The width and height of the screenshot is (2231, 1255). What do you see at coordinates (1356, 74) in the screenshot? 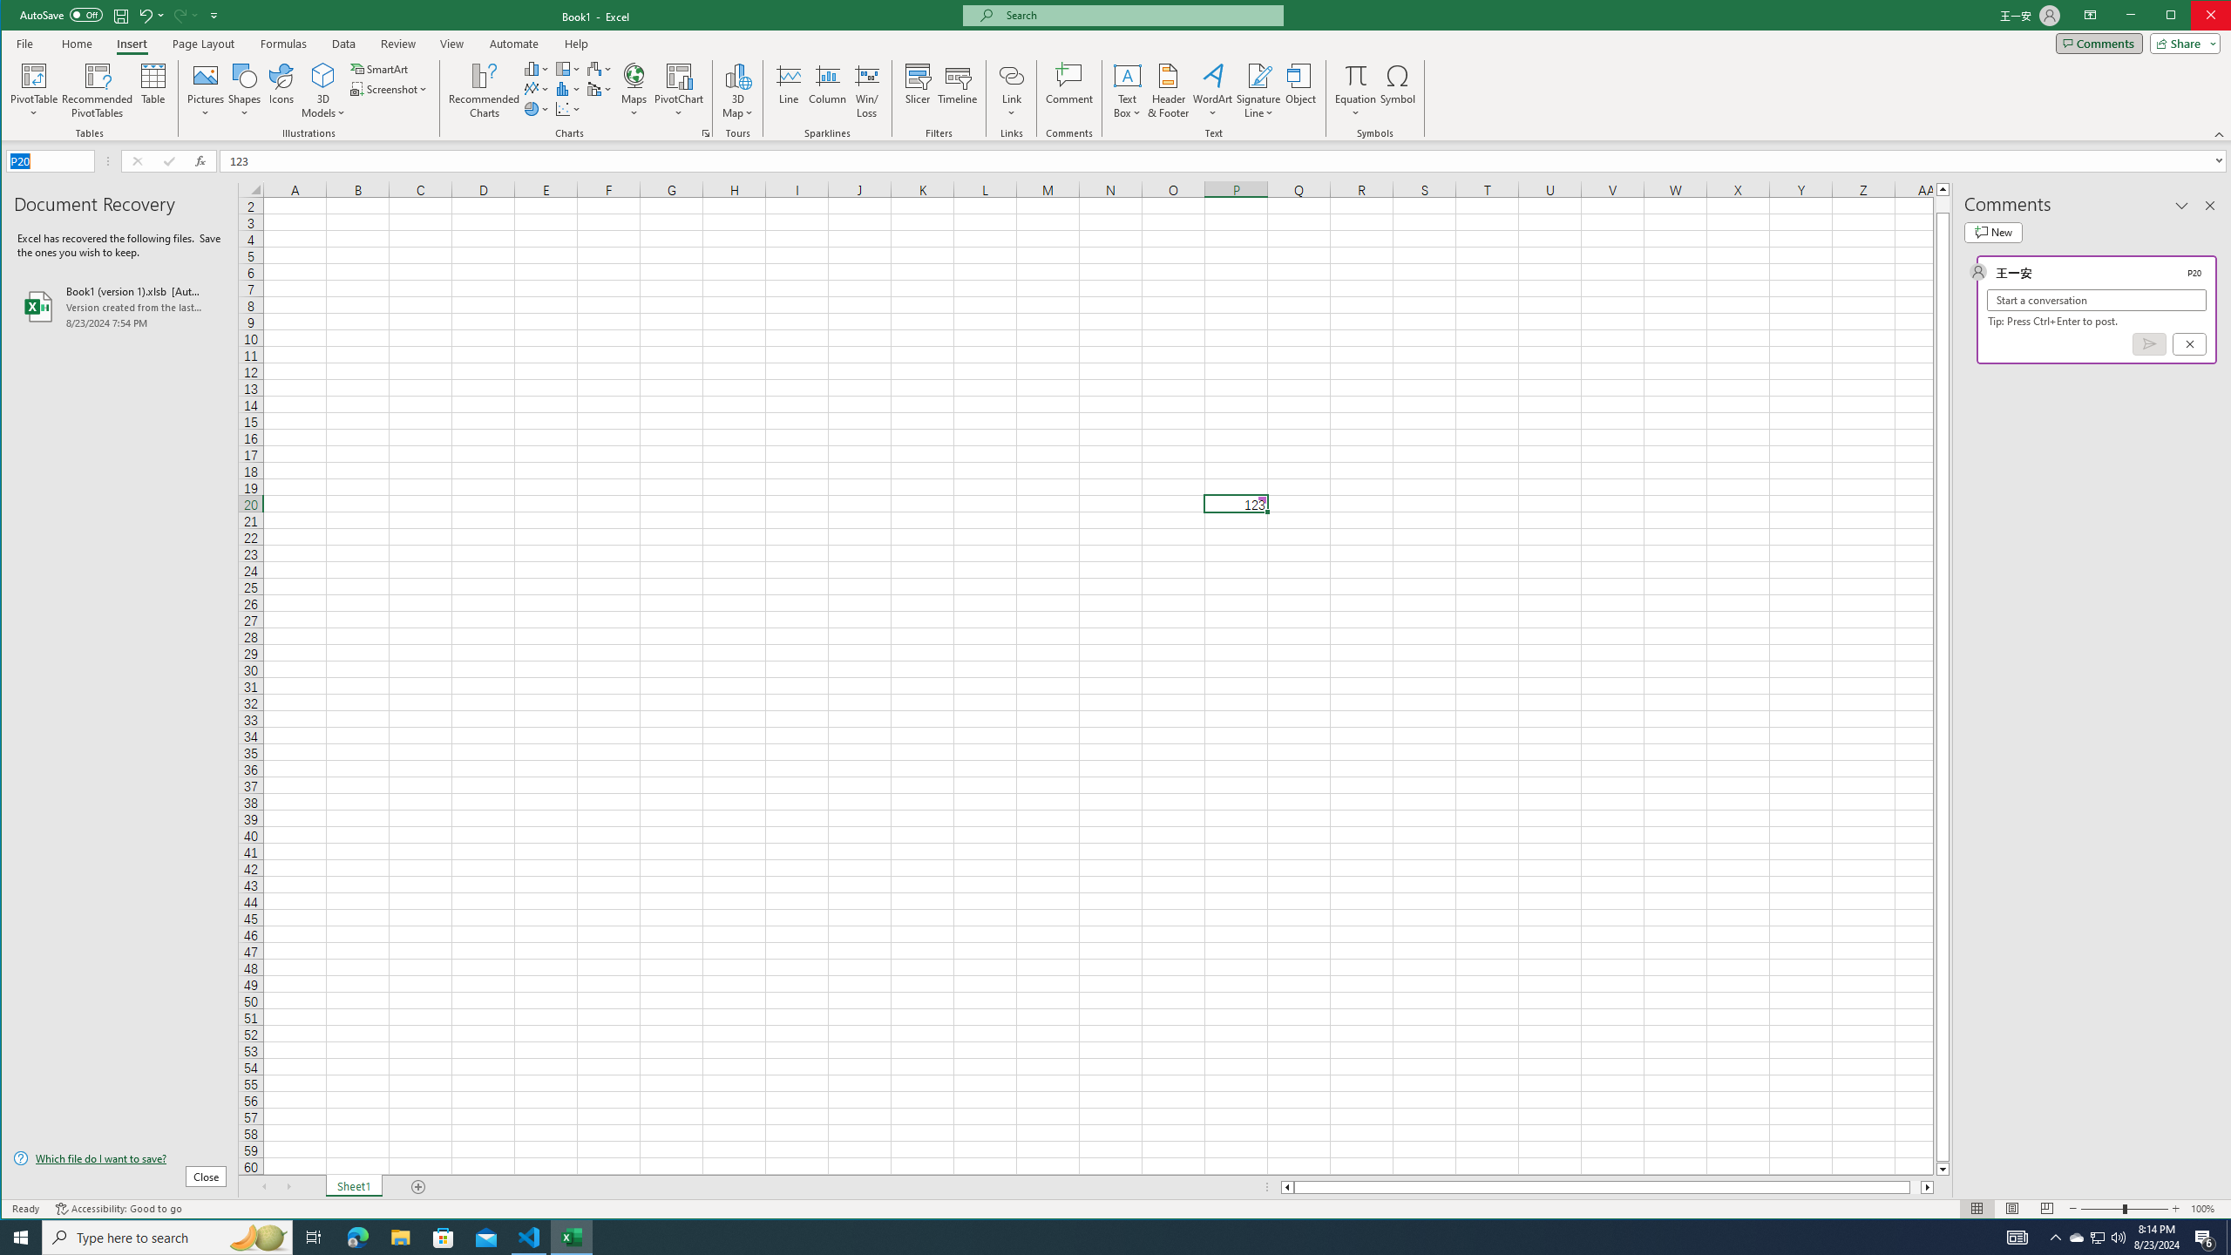
I see `'Equation'` at bounding box center [1356, 74].